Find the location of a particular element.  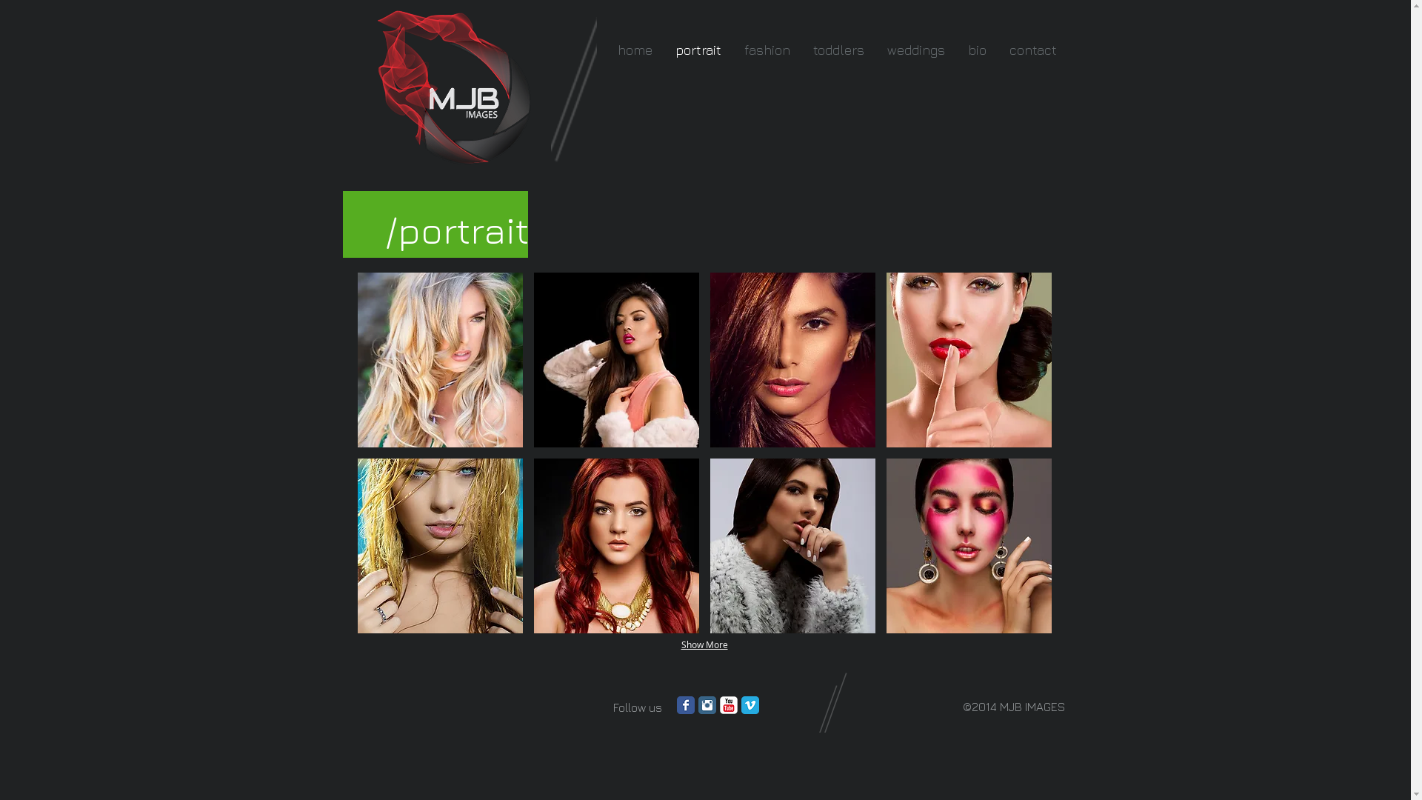

'home' is located at coordinates (604, 49).